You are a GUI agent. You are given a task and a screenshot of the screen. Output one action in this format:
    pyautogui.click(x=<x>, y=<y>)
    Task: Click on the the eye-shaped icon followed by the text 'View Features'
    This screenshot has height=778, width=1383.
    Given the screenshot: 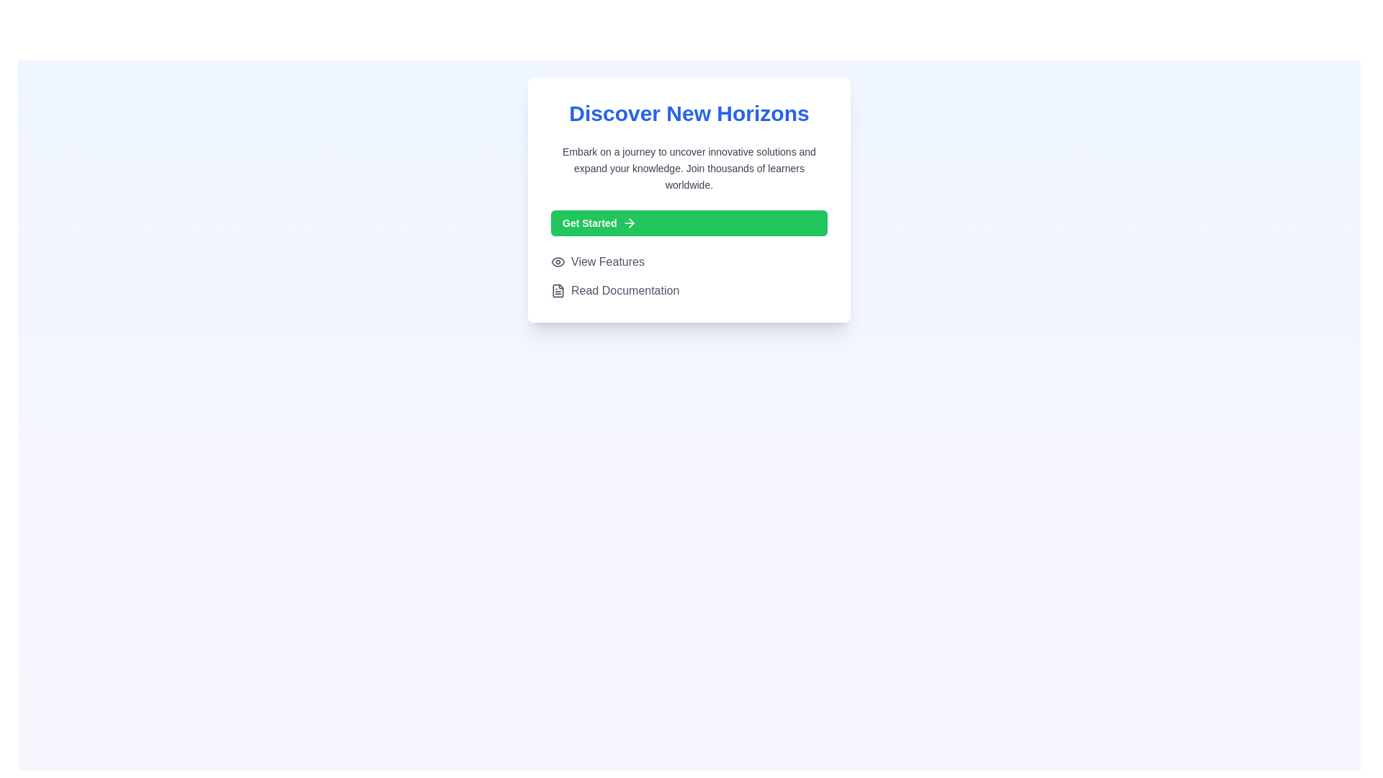 What is the action you would take?
    pyautogui.click(x=598, y=262)
    